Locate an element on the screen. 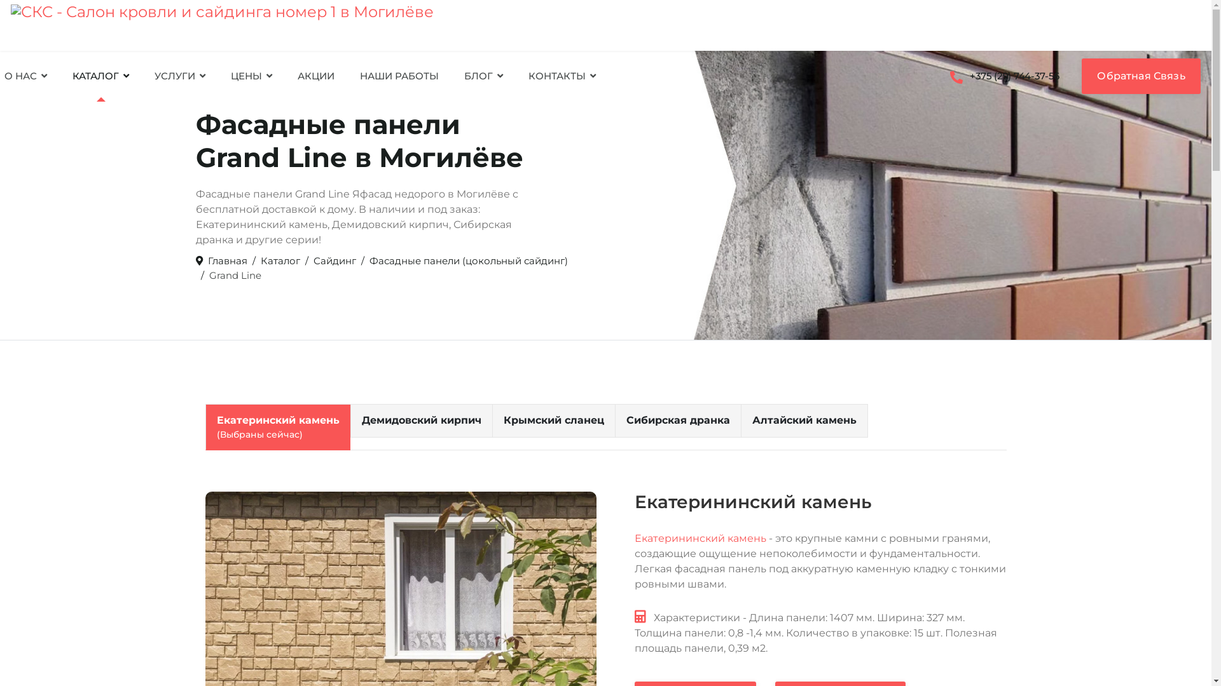  '+375 (29) 744-37-56' is located at coordinates (1004, 76).